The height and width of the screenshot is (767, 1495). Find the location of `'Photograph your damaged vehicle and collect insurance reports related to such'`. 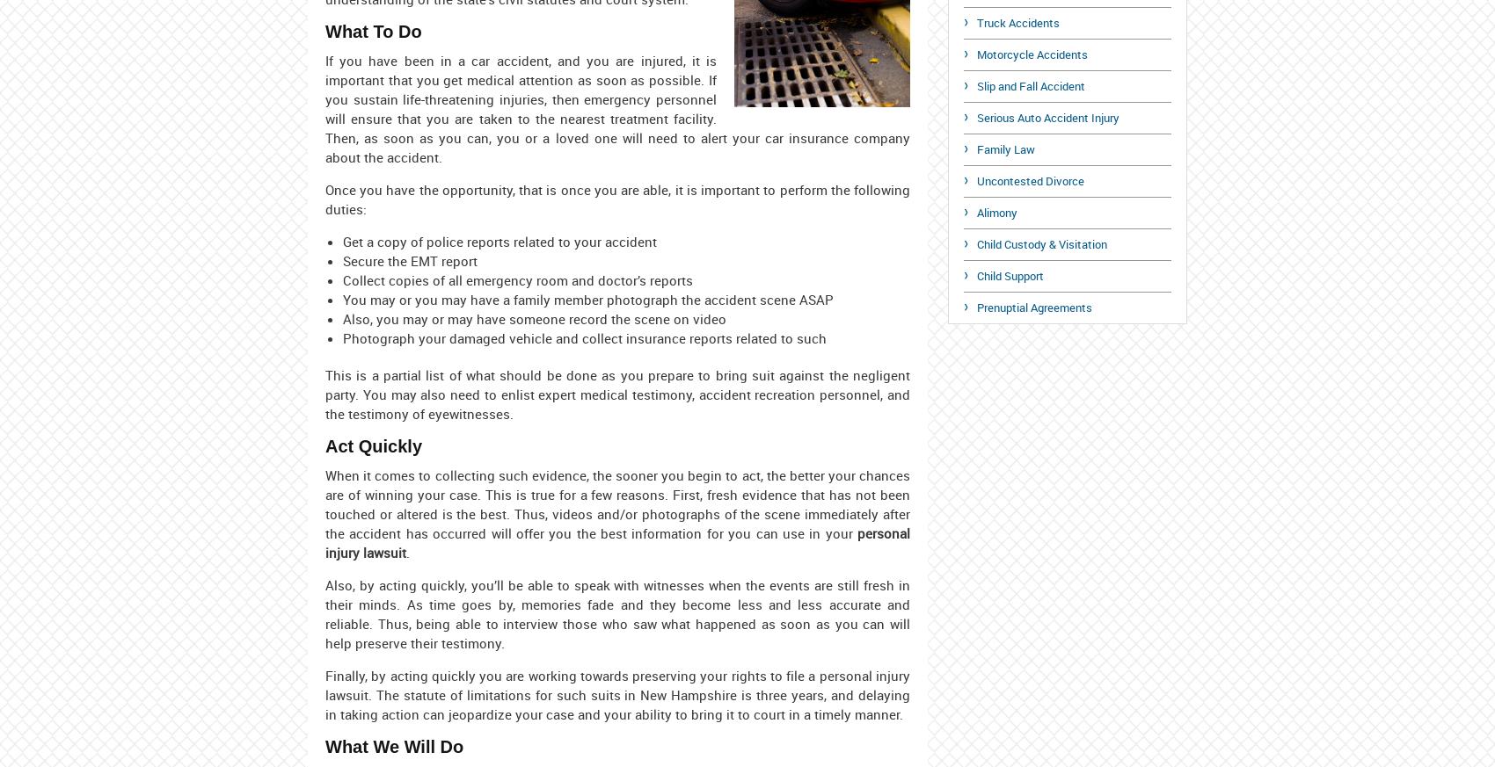

'Photograph your damaged vehicle and collect insurance reports related to such' is located at coordinates (585, 336).